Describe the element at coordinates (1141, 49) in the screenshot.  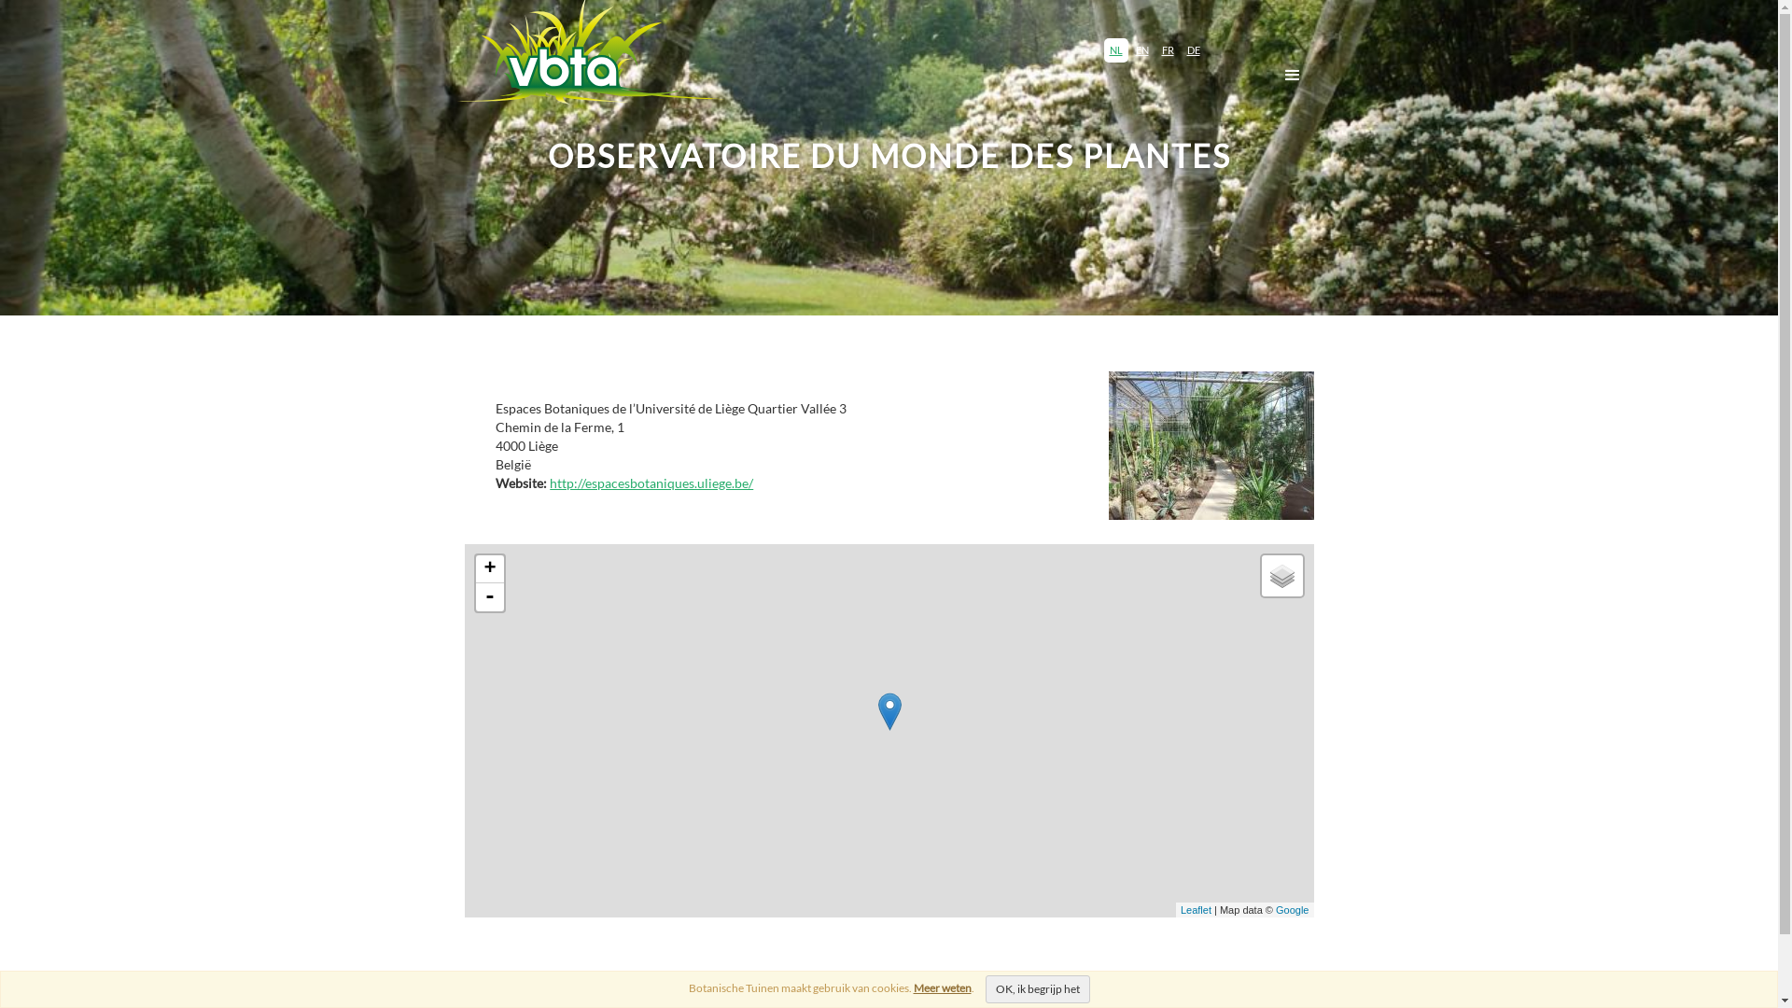
I see `'EN'` at that location.